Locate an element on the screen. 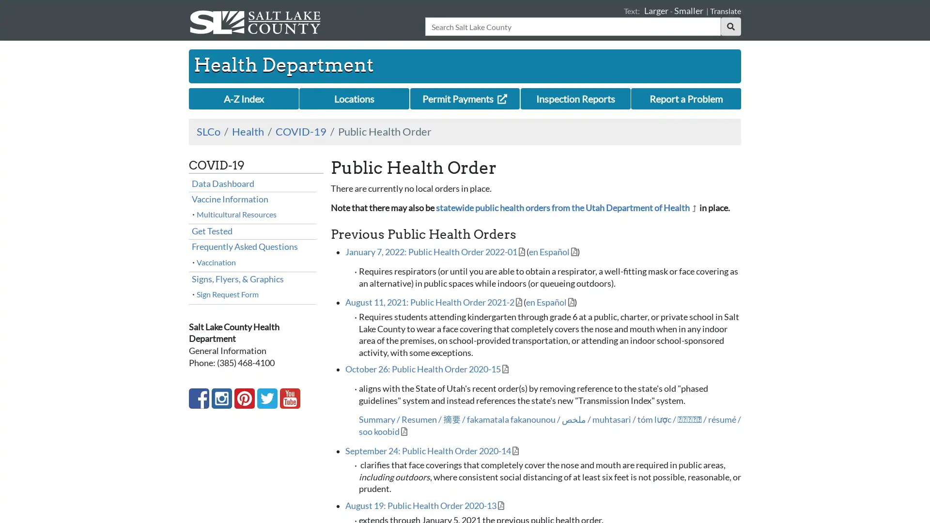  Smaller is located at coordinates (688, 11).